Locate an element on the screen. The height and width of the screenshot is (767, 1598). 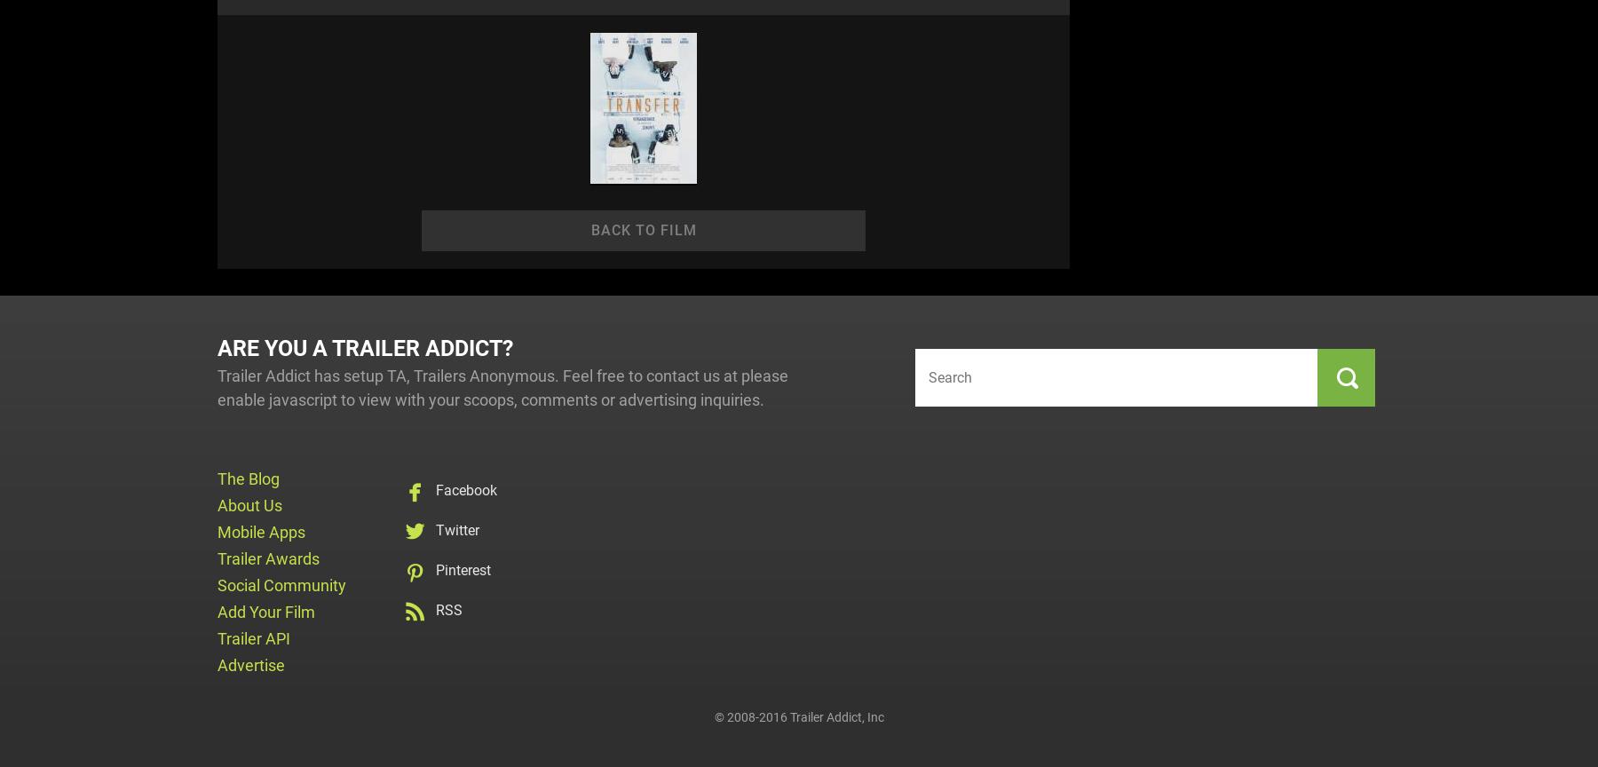
'Are you a trailer addict?' is located at coordinates (365, 347).